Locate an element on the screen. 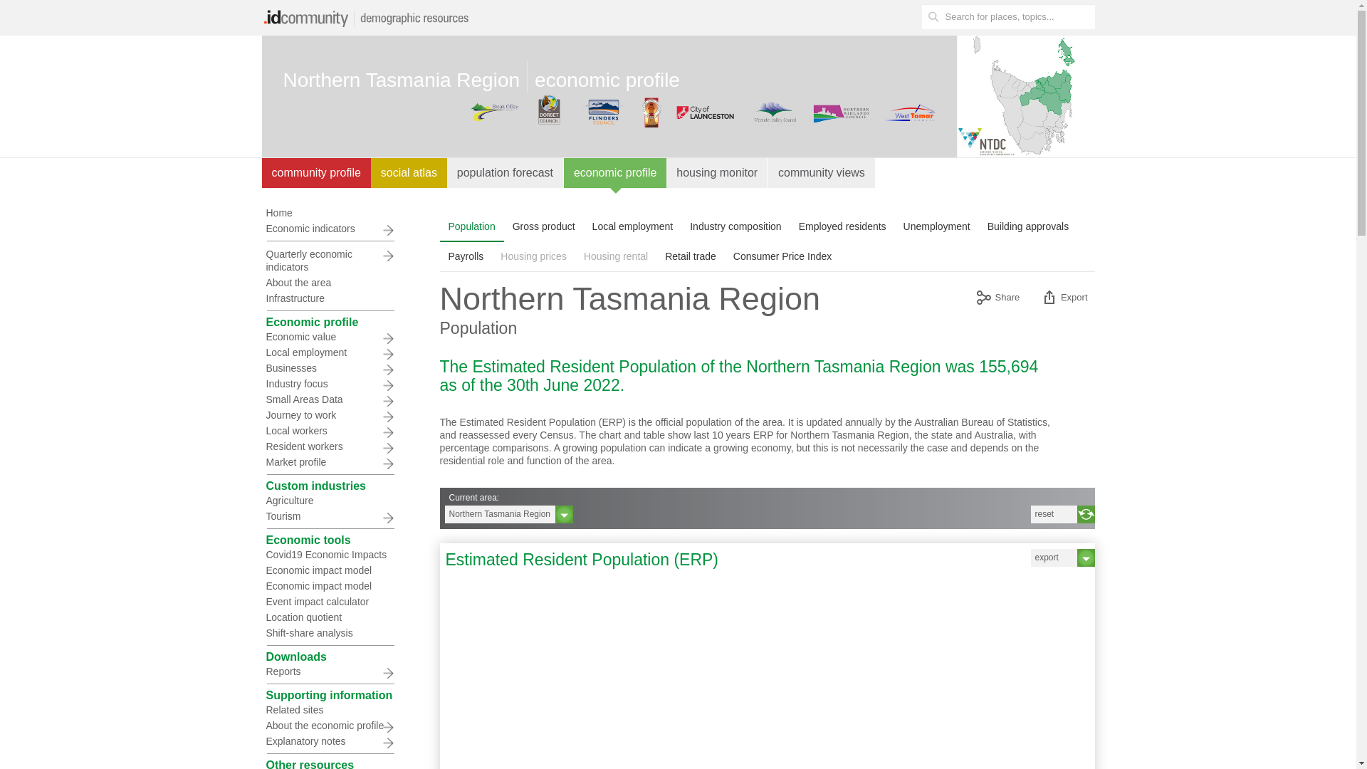 Image resolution: width=1367 pixels, height=769 pixels. 'Payrolls' is located at coordinates (439, 255).